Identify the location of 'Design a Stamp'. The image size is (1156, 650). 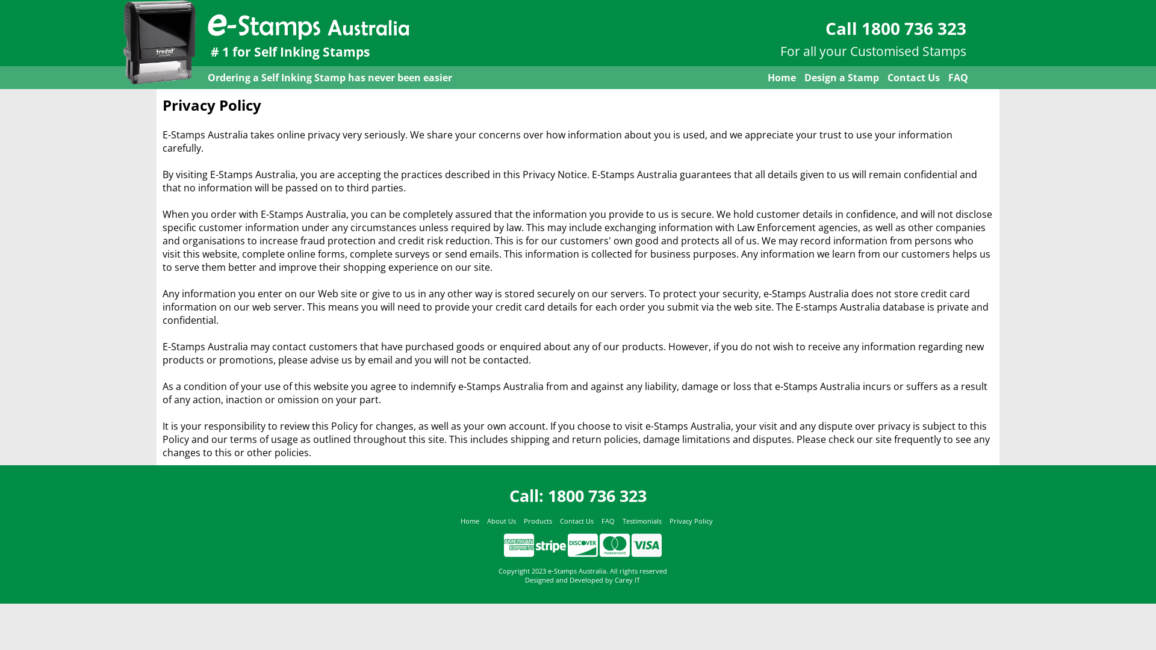
(841, 77).